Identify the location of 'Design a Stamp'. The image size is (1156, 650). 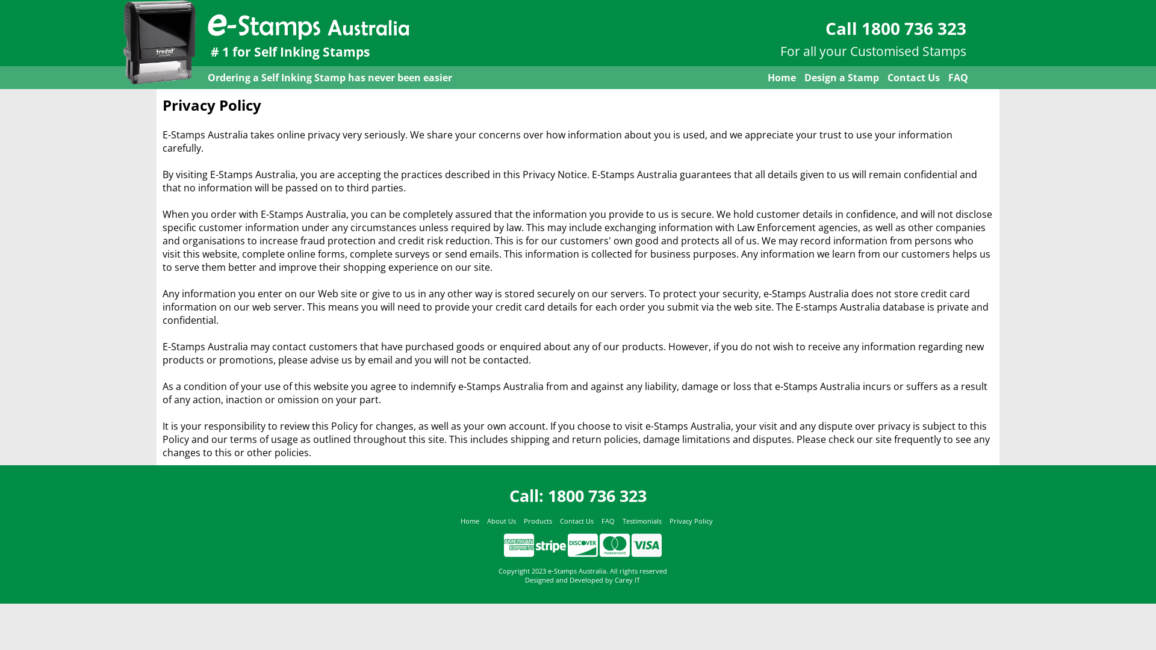
(841, 77).